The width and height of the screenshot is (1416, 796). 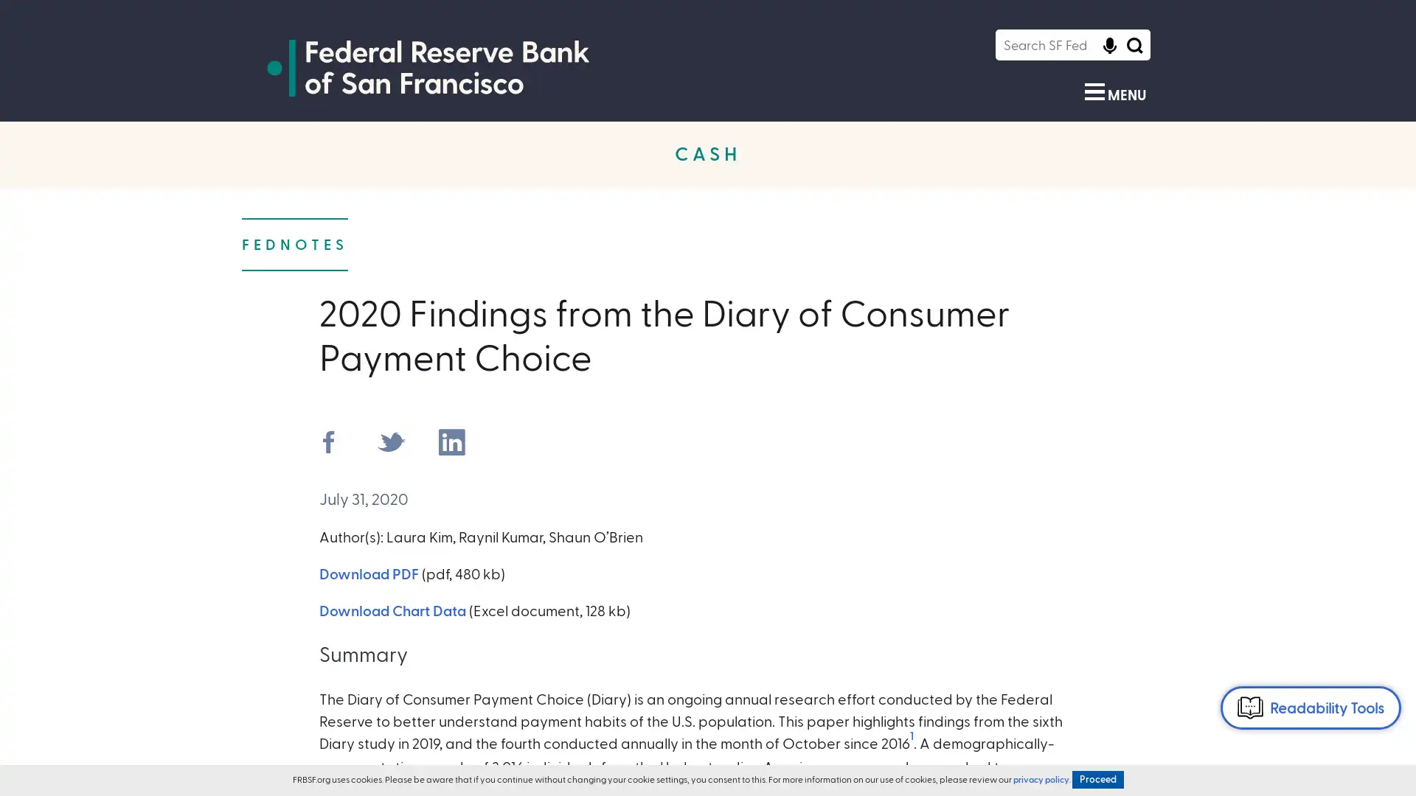 I want to click on Readability Tools, so click(x=1311, y=706).